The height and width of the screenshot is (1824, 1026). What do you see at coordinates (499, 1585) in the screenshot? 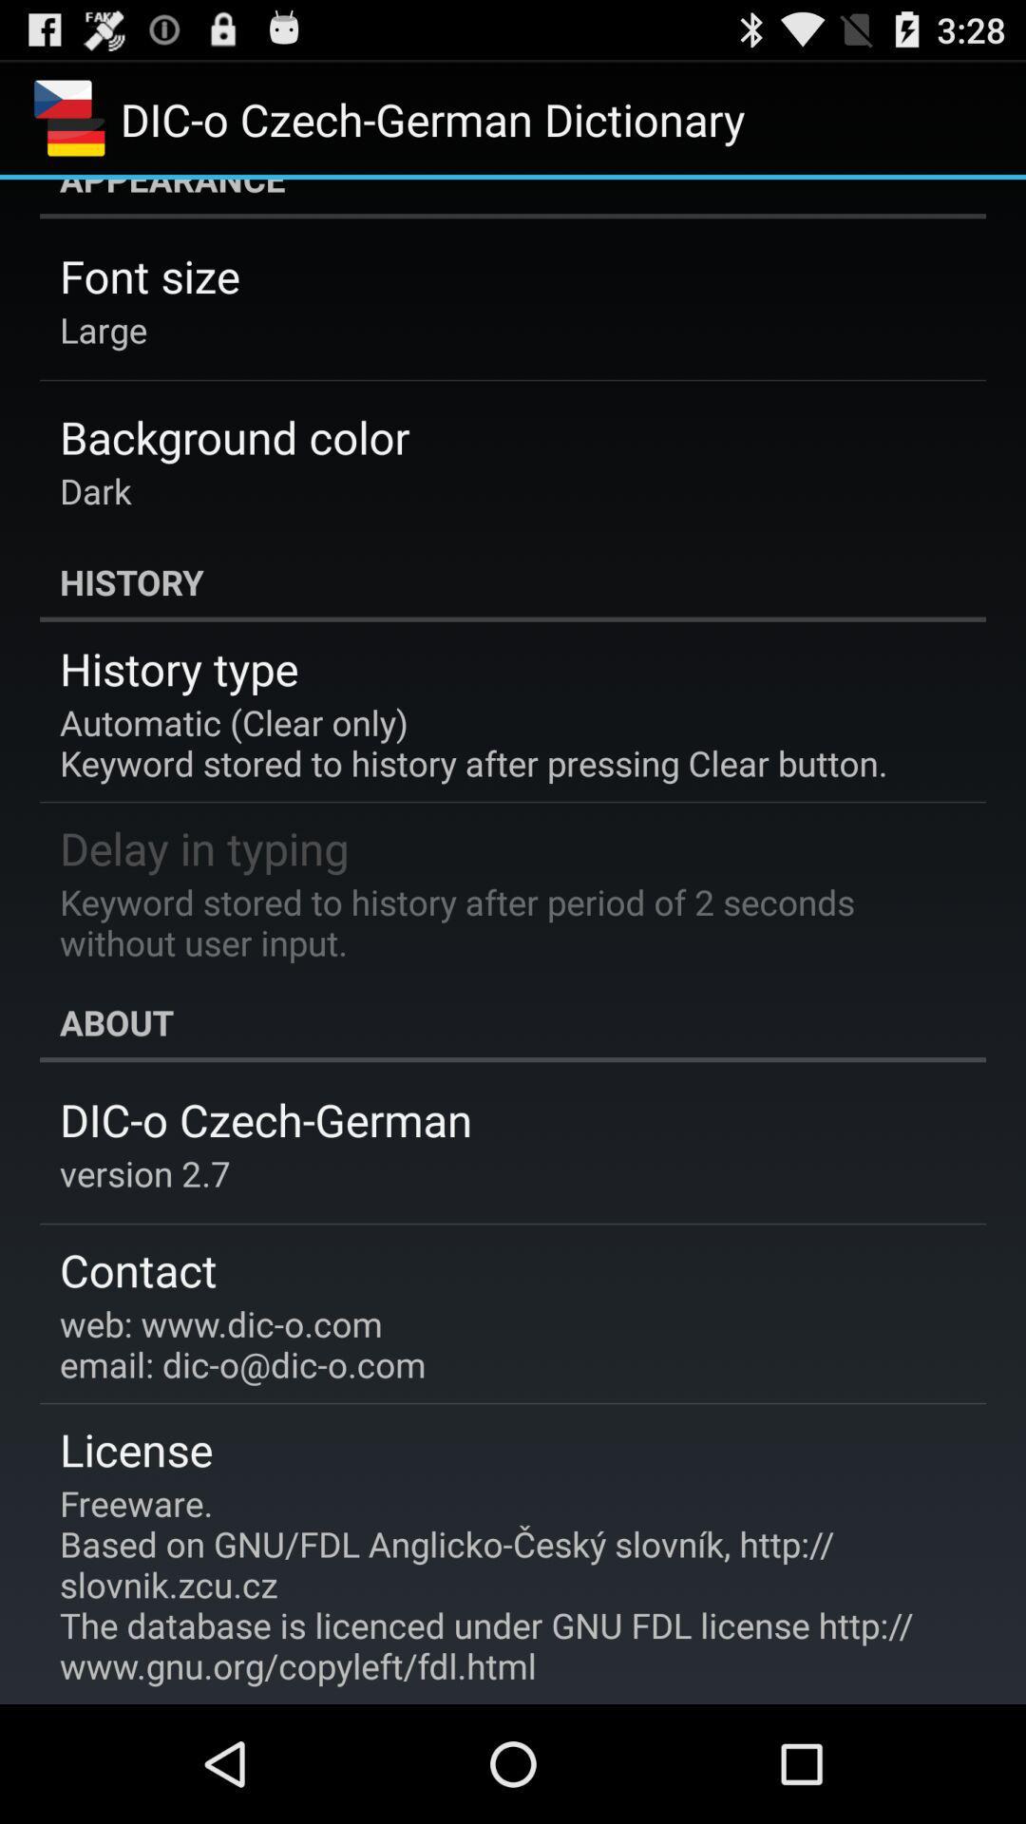
I see `the item below license item` at bounding box center [499, 1585].